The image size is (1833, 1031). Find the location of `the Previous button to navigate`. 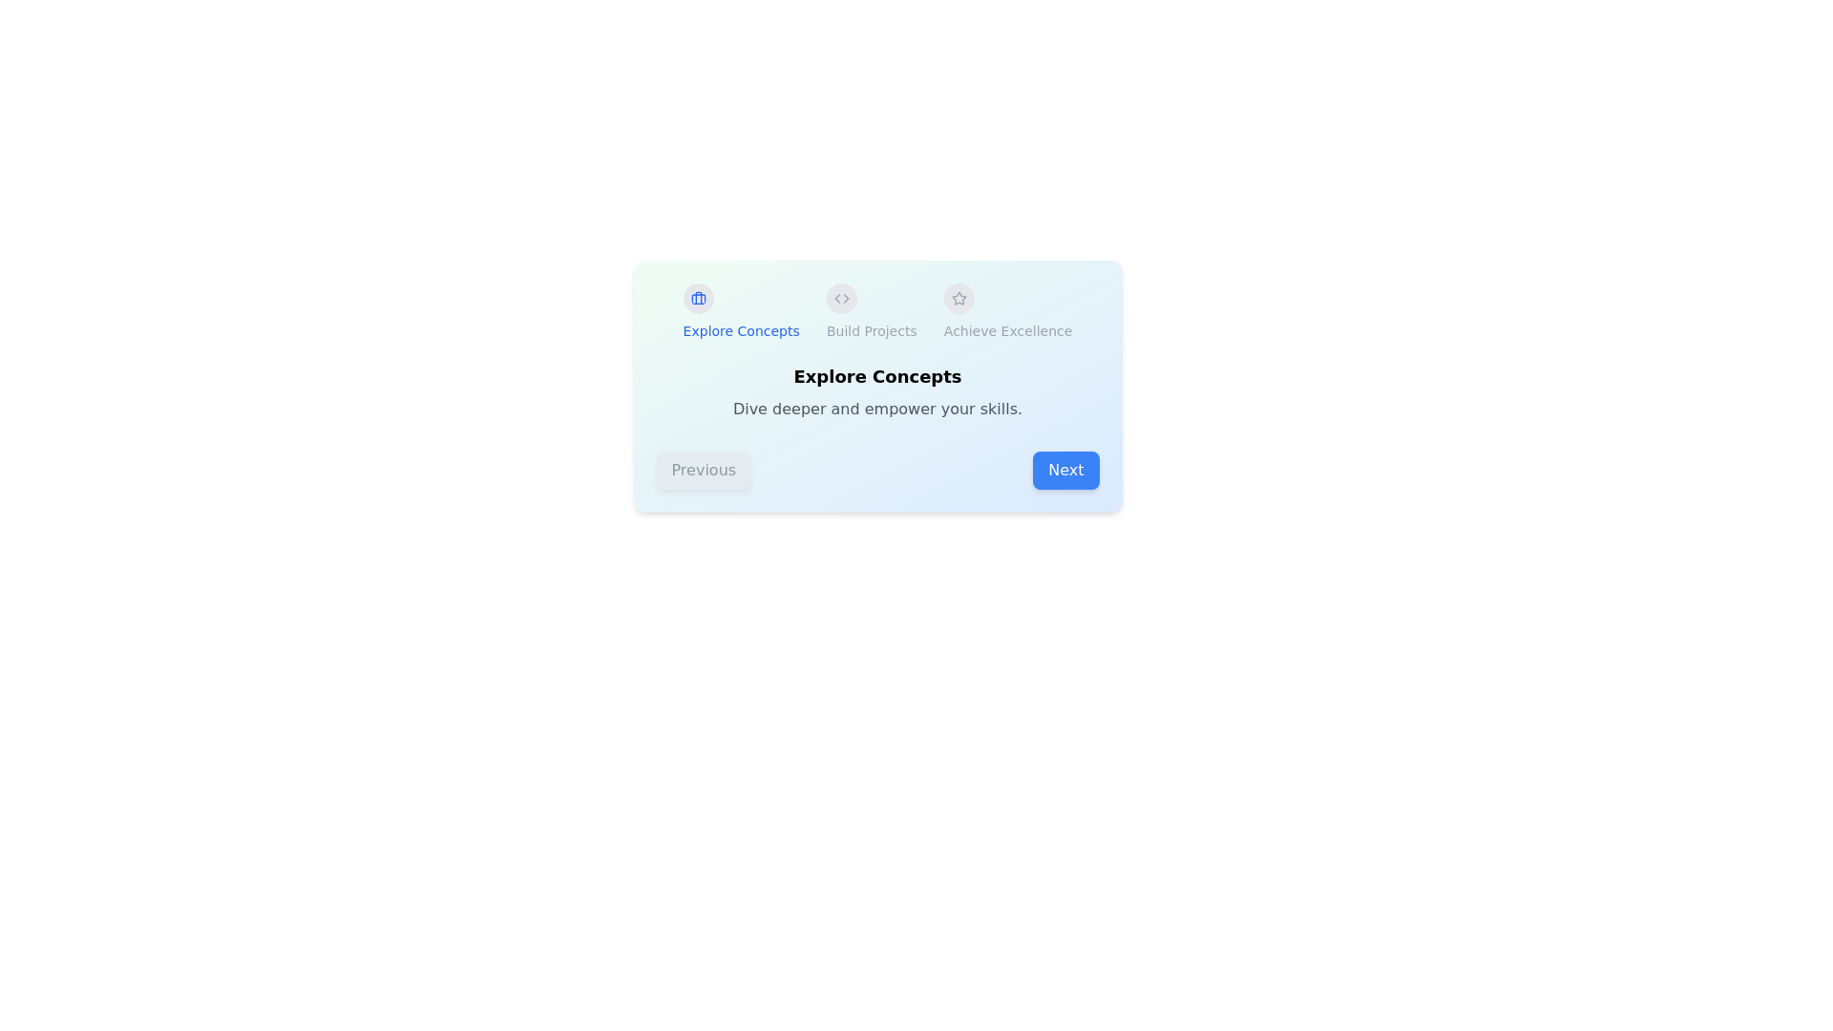

the Previous button to navigate is located at coordinates (703, 471).